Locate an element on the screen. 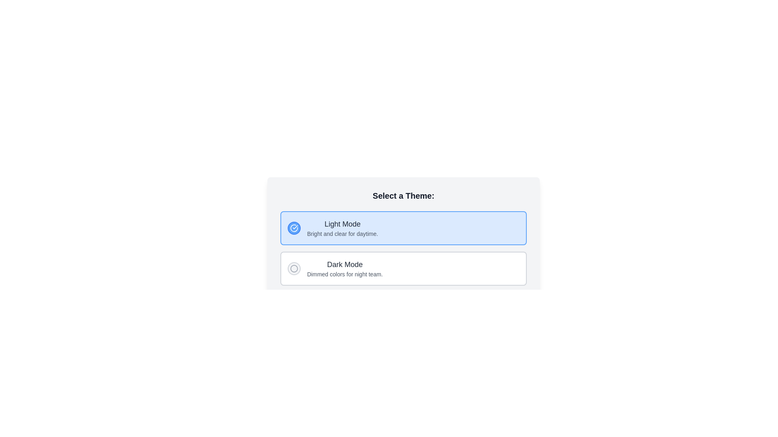 This screenshot has height=437, width=778. the circular gray icon with a hollow design and stroke outline, located in the 'Dark Mode' option is located at coordinates (293, 268).